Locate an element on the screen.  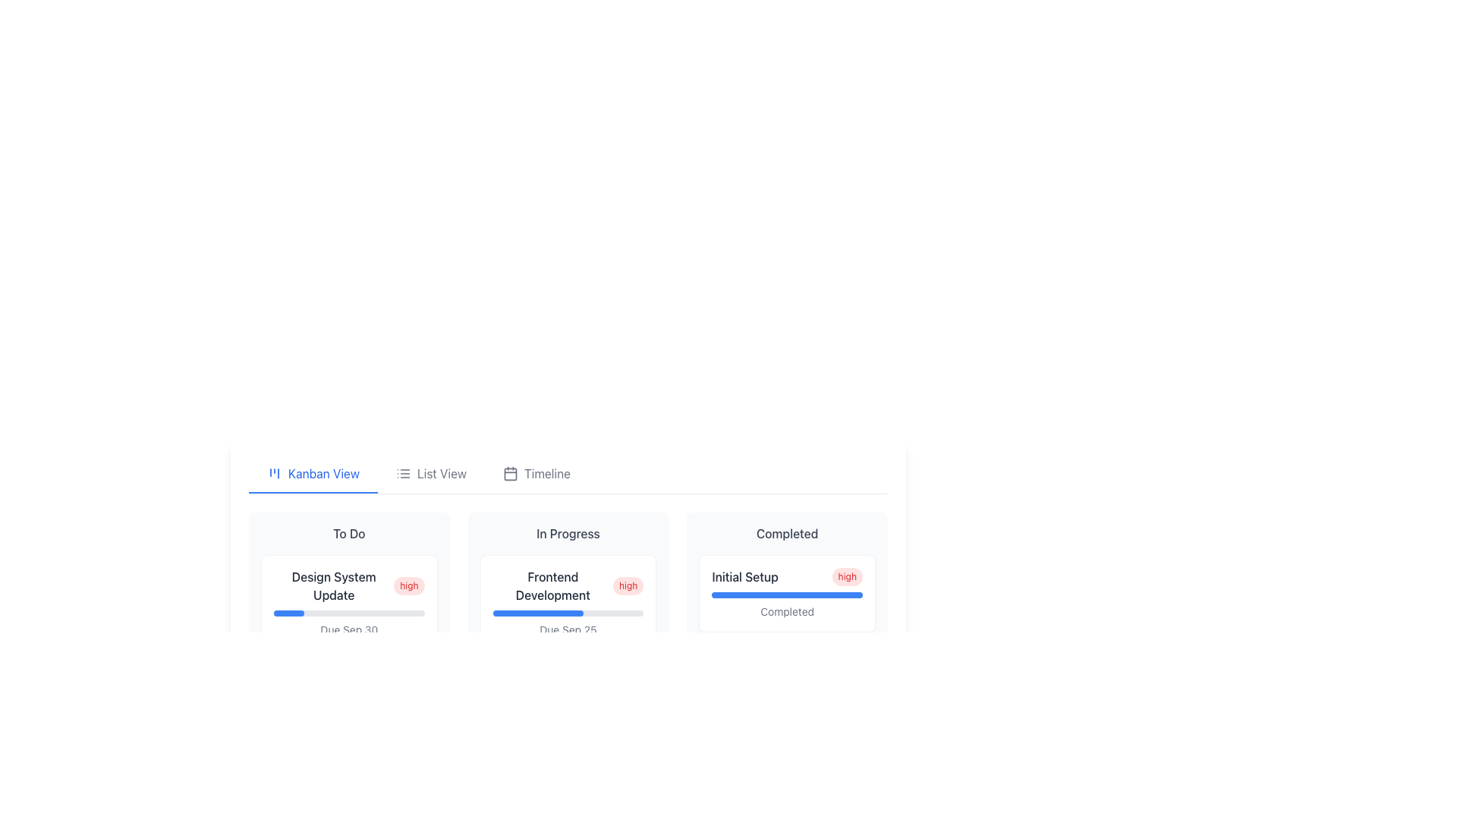
the composite element labeled 'Initial Setup' with a badge 'high' in the 'Completed' column of the Kanban board is located at coordinates (787, 576).